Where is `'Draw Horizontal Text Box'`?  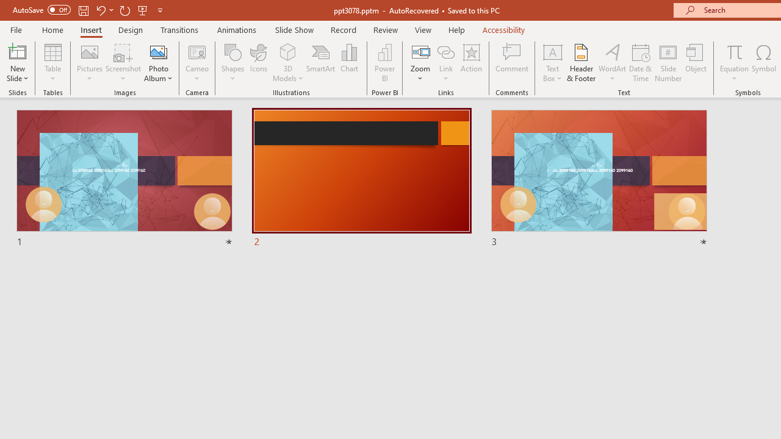 'Draw Horizontal Text Box' is located at coordinates (552, 51).